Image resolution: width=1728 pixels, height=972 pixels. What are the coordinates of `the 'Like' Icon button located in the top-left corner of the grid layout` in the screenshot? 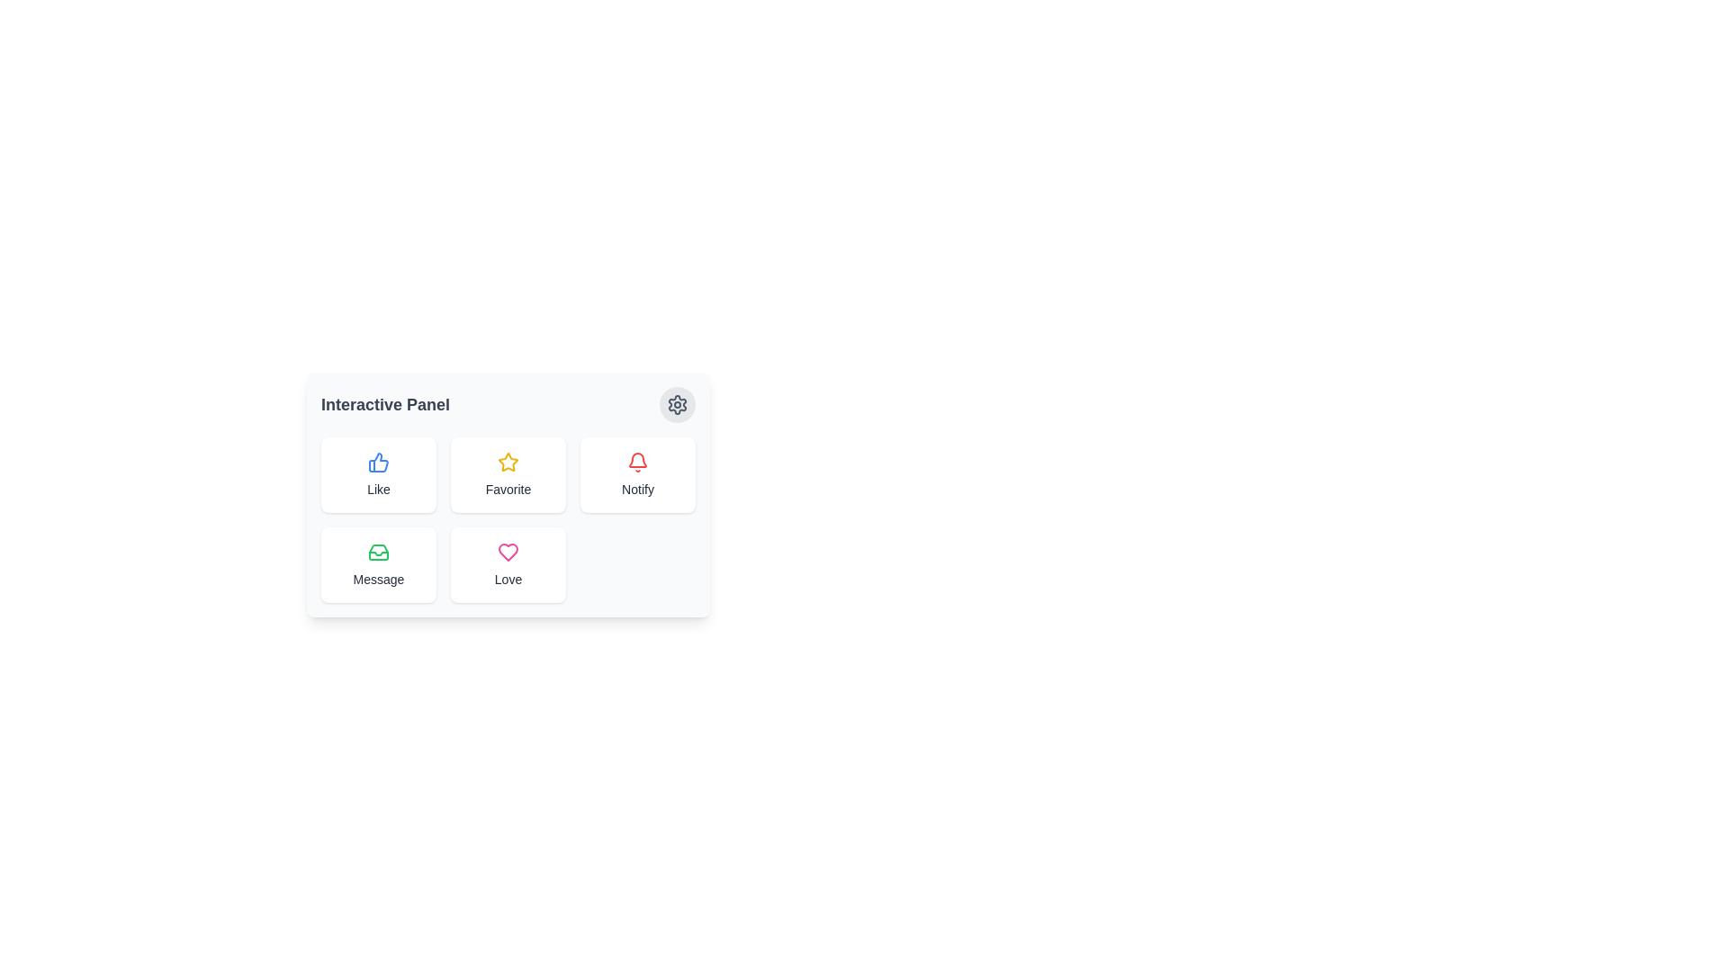 It's located at (377, 461).